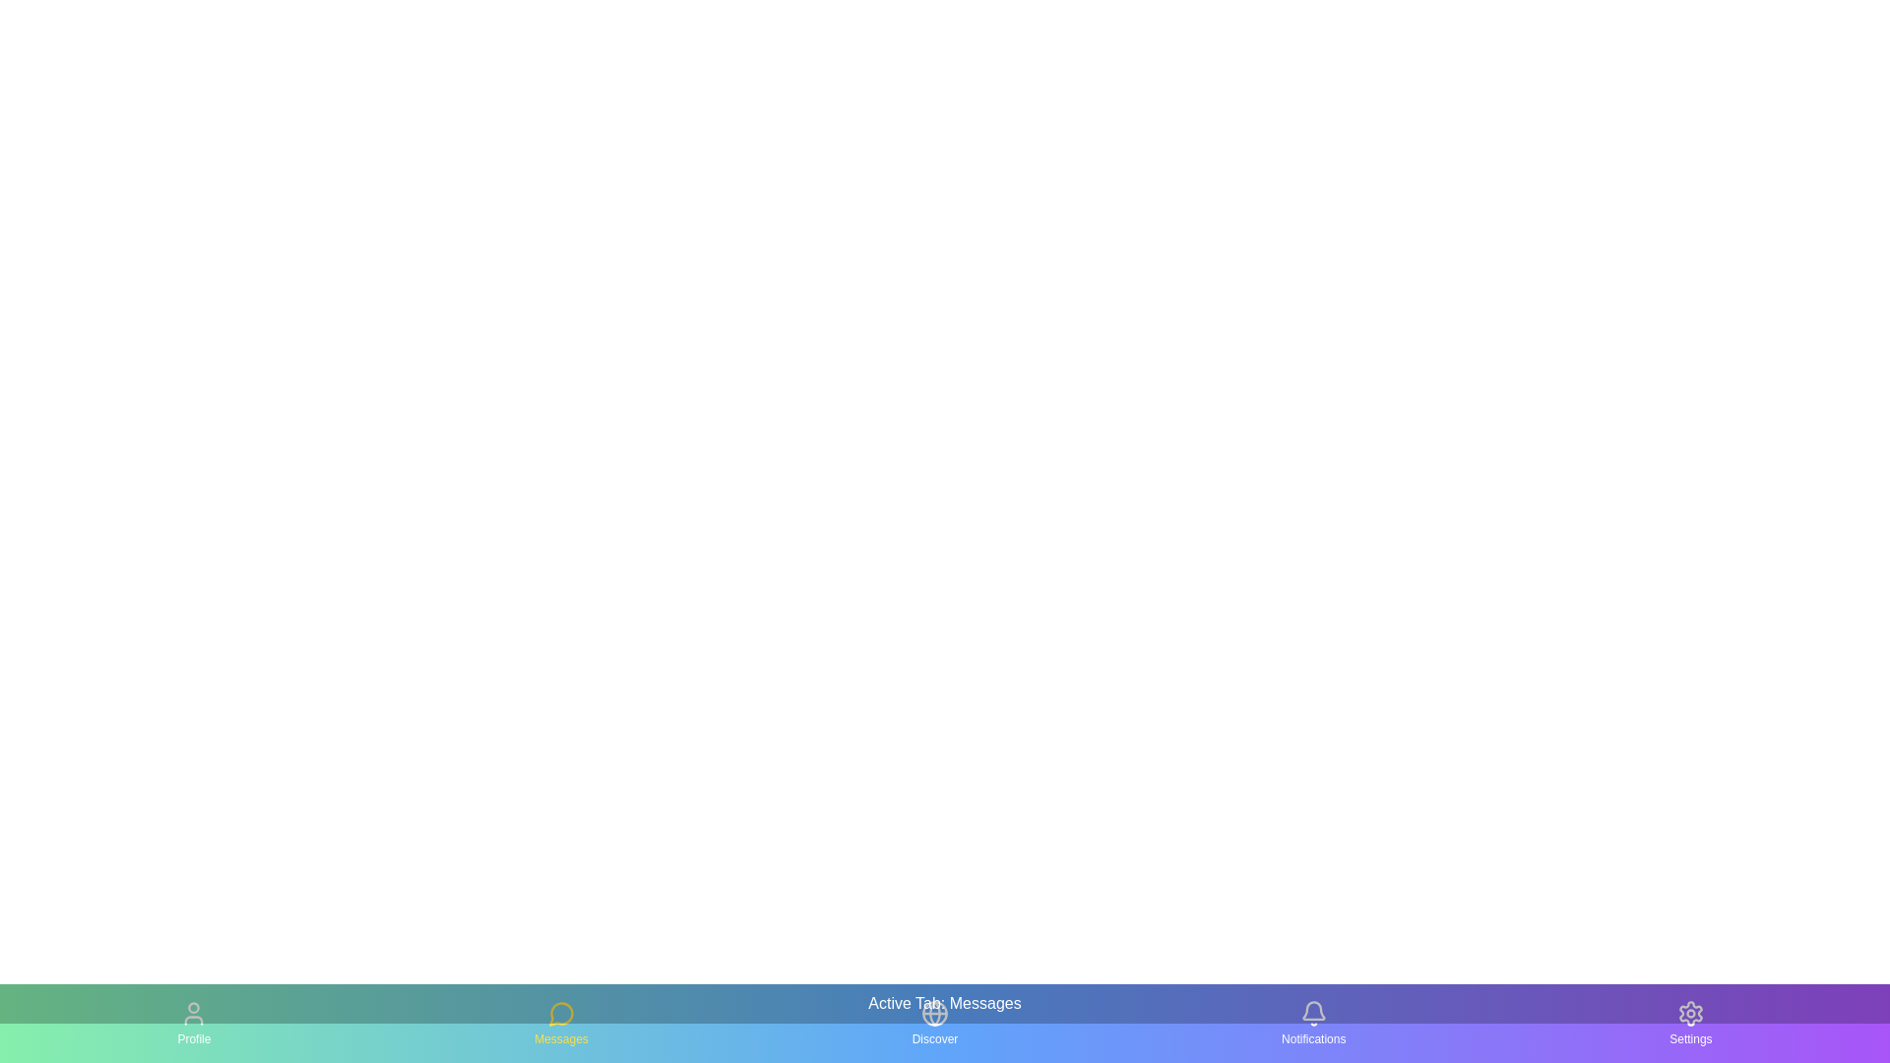  I want to click on the tab labeled Settings, so click(1690, 1023).